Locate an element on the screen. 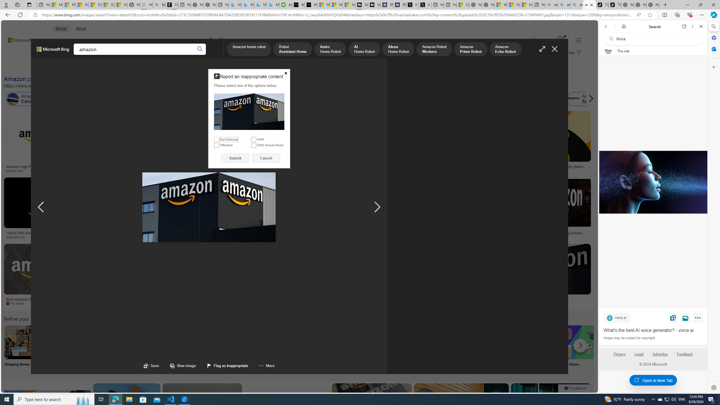 The image size is (720, 405). 'Bing Real Estate - Home sales and rental listings' is located at coordinates (159, 4).